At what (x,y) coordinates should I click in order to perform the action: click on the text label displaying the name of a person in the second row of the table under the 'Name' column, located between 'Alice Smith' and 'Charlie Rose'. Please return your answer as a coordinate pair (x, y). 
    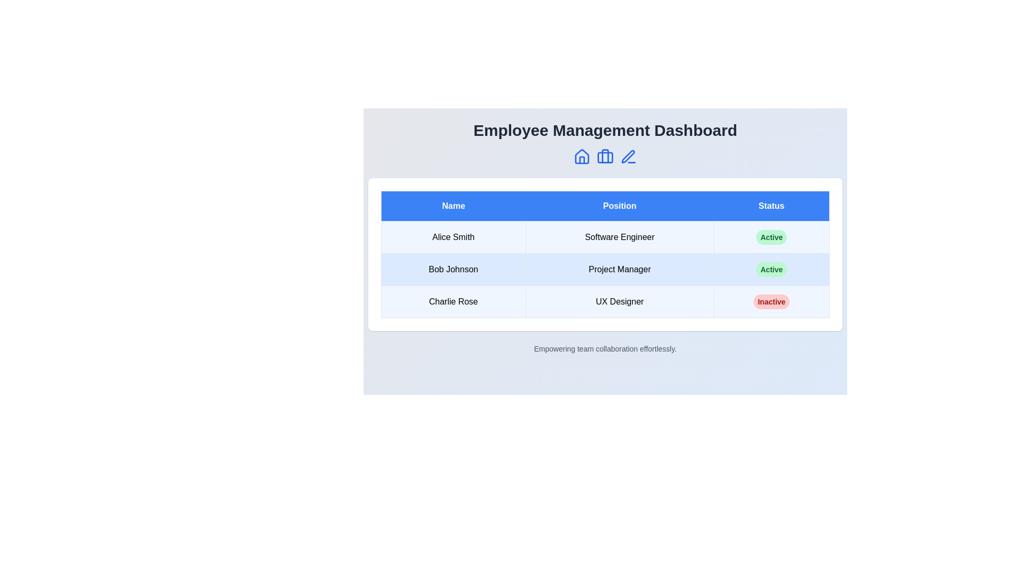
    Looking at the image, I should click on (453, 269).